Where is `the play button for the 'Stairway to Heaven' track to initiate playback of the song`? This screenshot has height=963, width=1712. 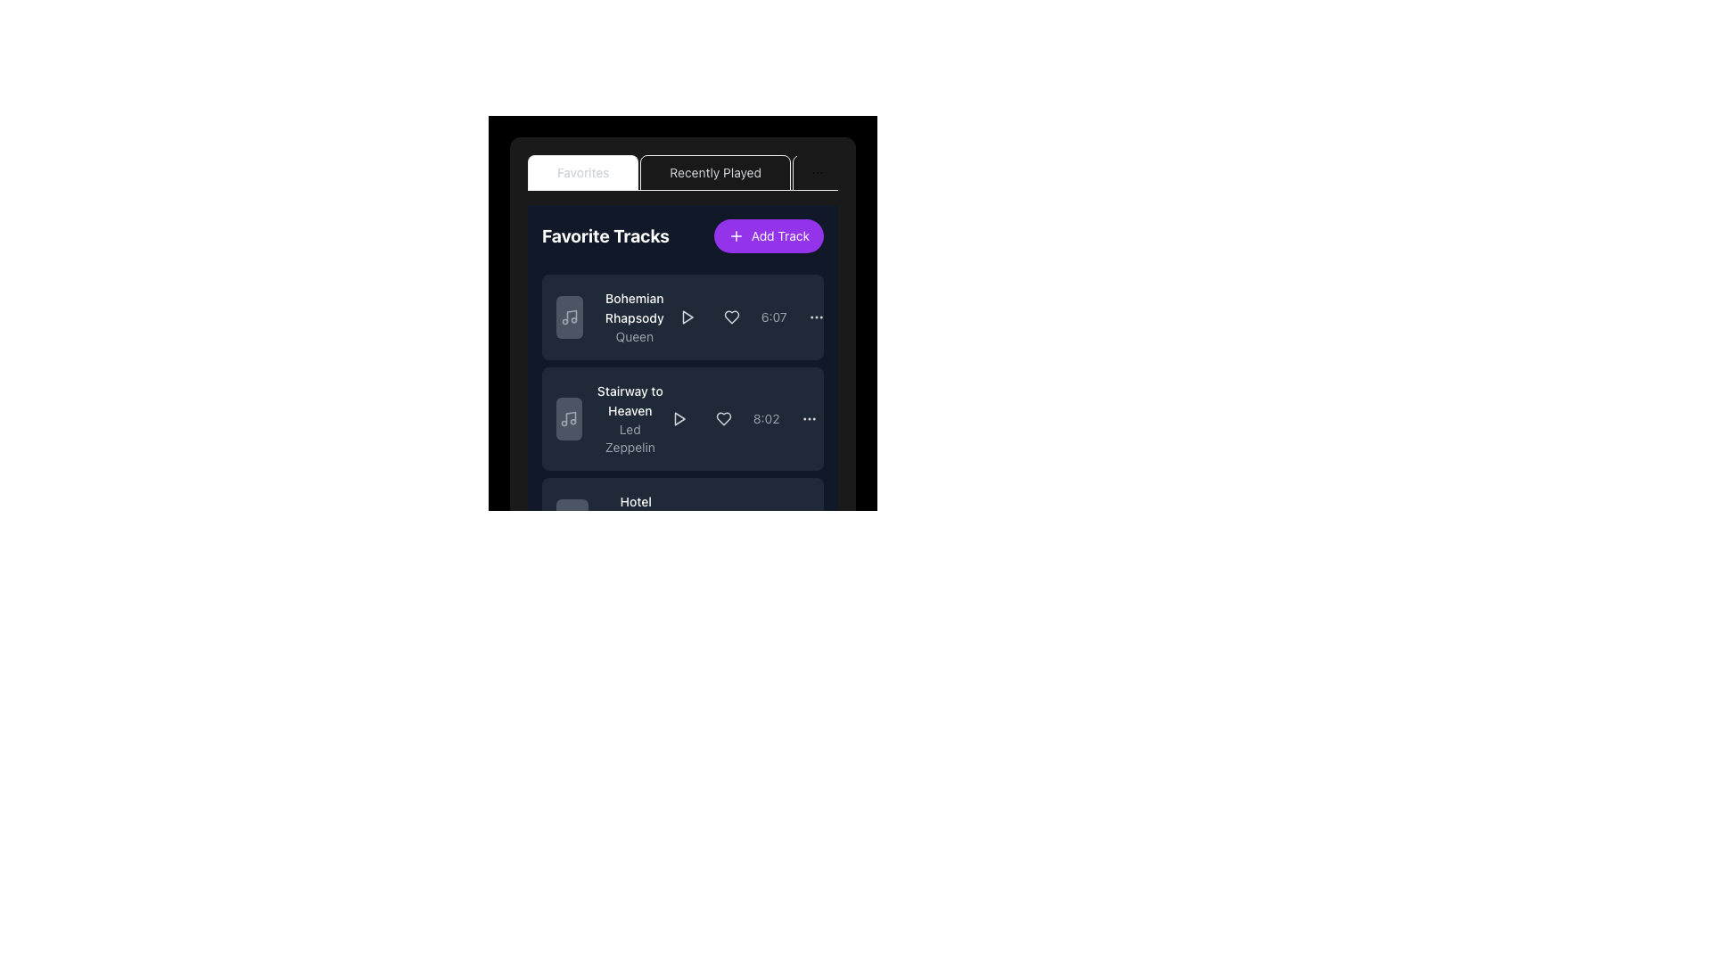
the play button for the 'Stairway to Heaven' track to initiate playback of the song is located at coordinates (678, 419).